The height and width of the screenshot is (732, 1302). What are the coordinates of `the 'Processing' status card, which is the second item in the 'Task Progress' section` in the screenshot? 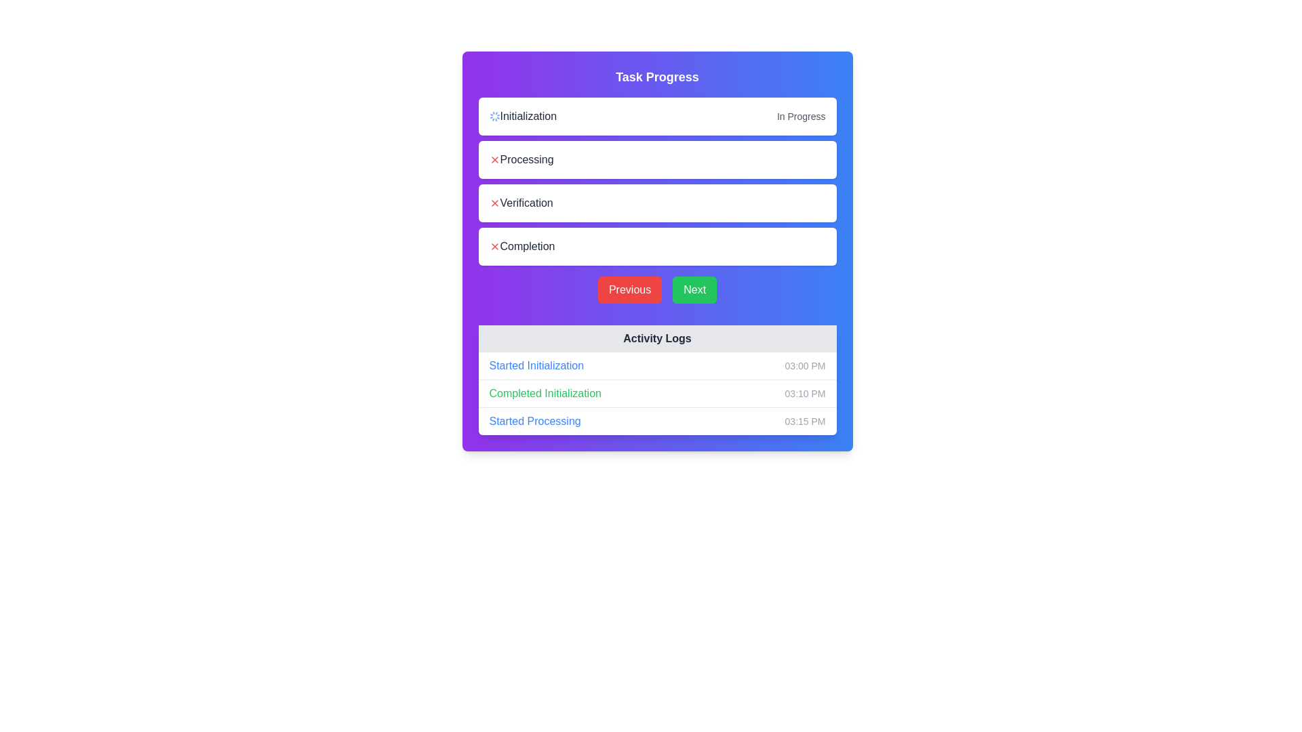 It's located at (657, 159).